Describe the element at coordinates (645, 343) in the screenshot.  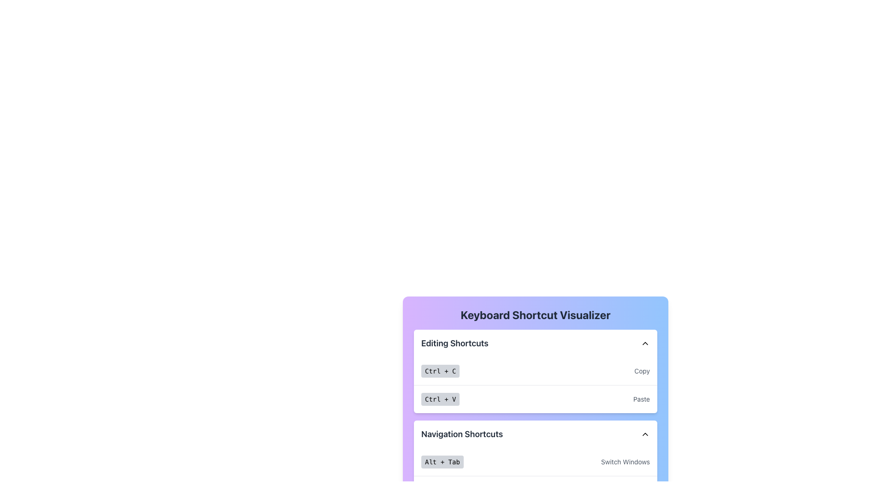
I see `the toggle icon located at the top-right corner of the 'Editing Shortcuts' section to expand or collapse the content` at that location.